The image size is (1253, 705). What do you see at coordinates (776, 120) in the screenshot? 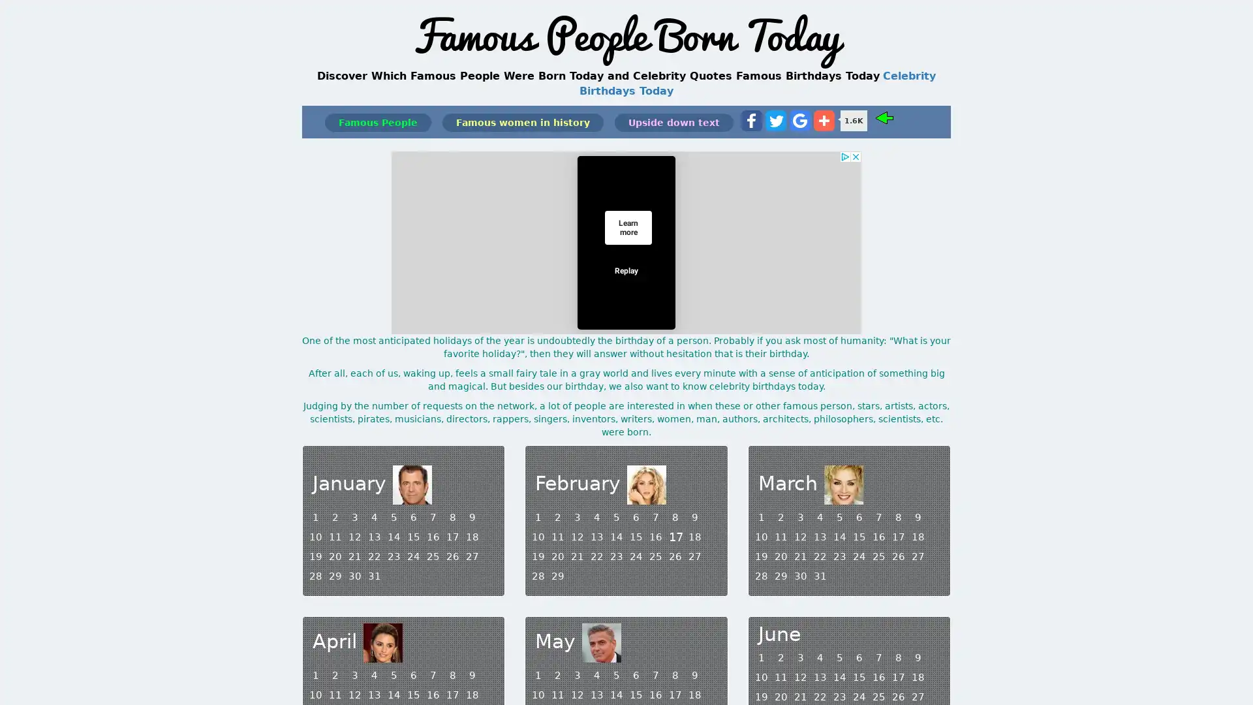
I see `Share to Twitter` at bounding box center [776, 120].